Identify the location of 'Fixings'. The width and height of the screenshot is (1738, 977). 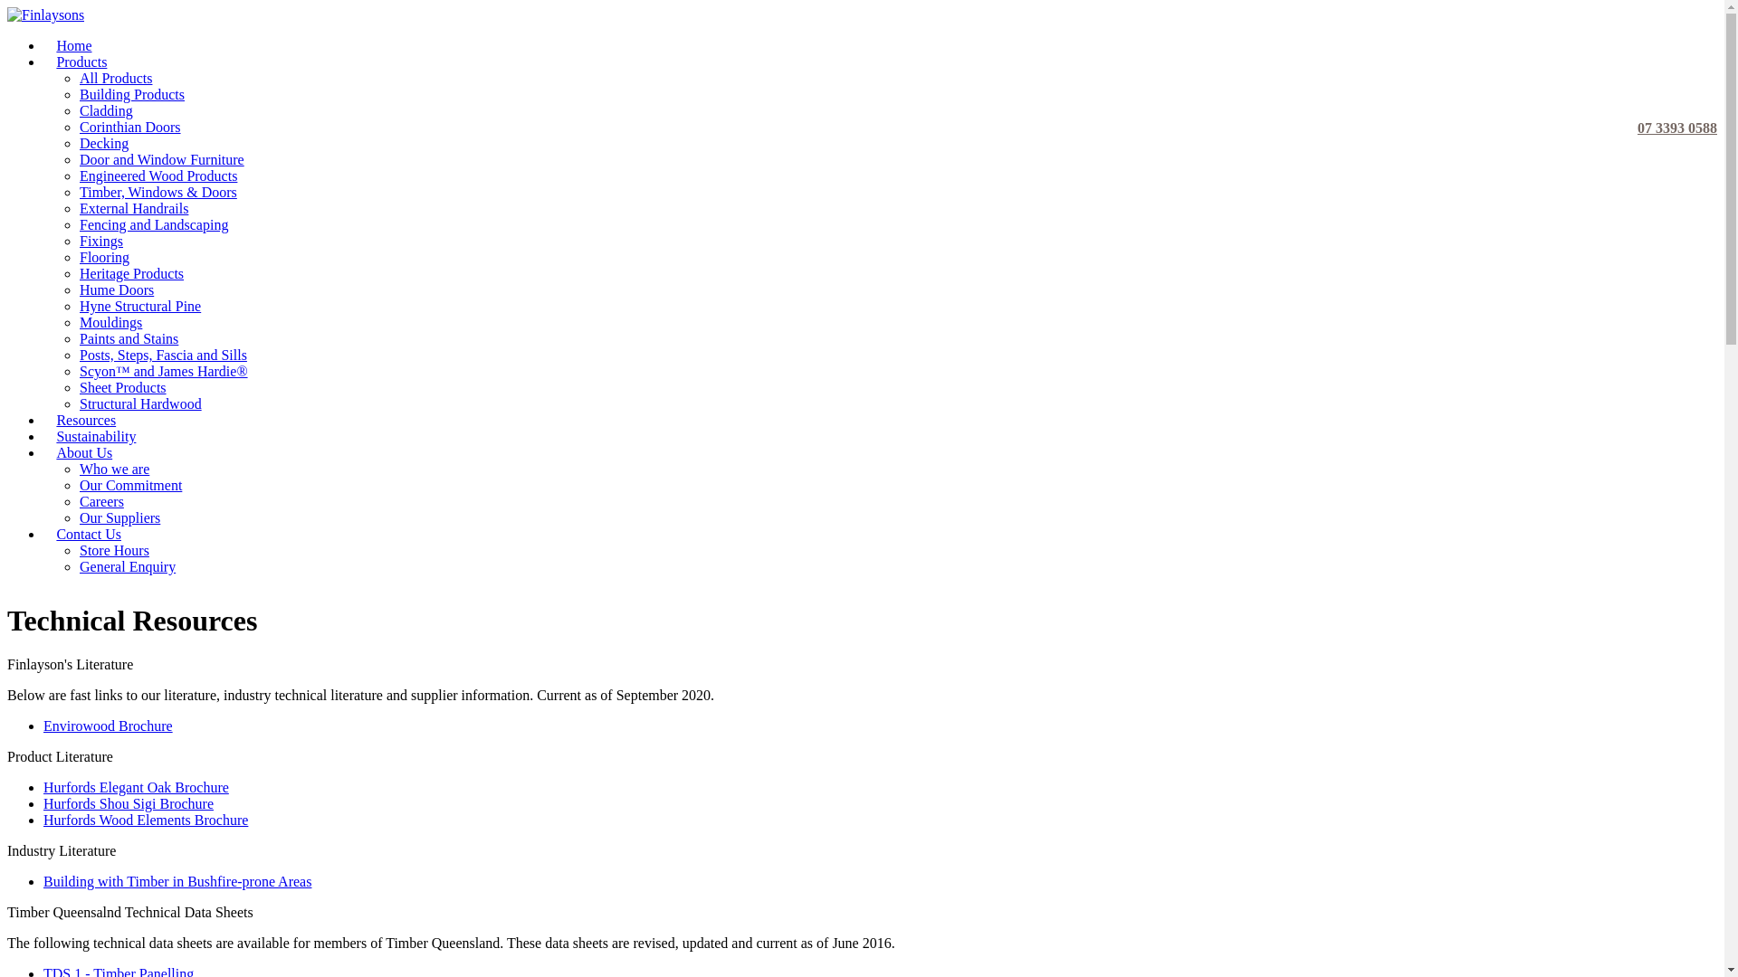
(78, 240).